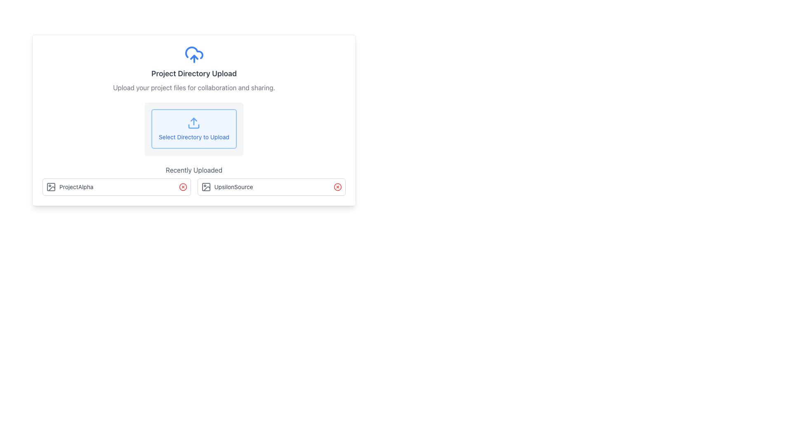  What do you see at coordinates (206, 187) in the screenshot?
I see `the small rectangular shape with rounded corners, filled in a neutral color, located within the image-related icon in the 'UpsilonSource' entry's icon column in the recently uploaded files section` at bounding box center [206, 187].